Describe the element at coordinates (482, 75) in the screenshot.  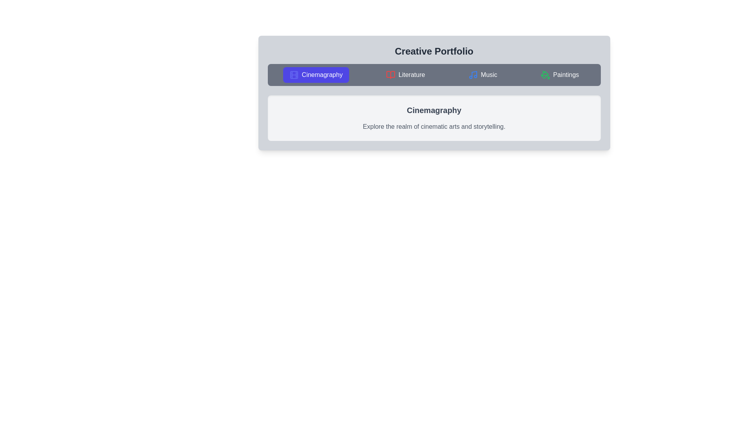
I see `the tab labeled Music` at that location.